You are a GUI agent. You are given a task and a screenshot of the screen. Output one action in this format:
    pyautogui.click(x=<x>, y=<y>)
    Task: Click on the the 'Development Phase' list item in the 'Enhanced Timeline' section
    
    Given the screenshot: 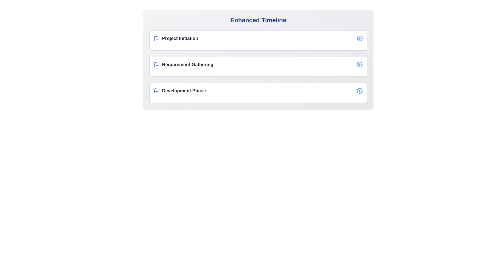 What is the action you would take?
    pyautogui.click(x=258, y=91)
    